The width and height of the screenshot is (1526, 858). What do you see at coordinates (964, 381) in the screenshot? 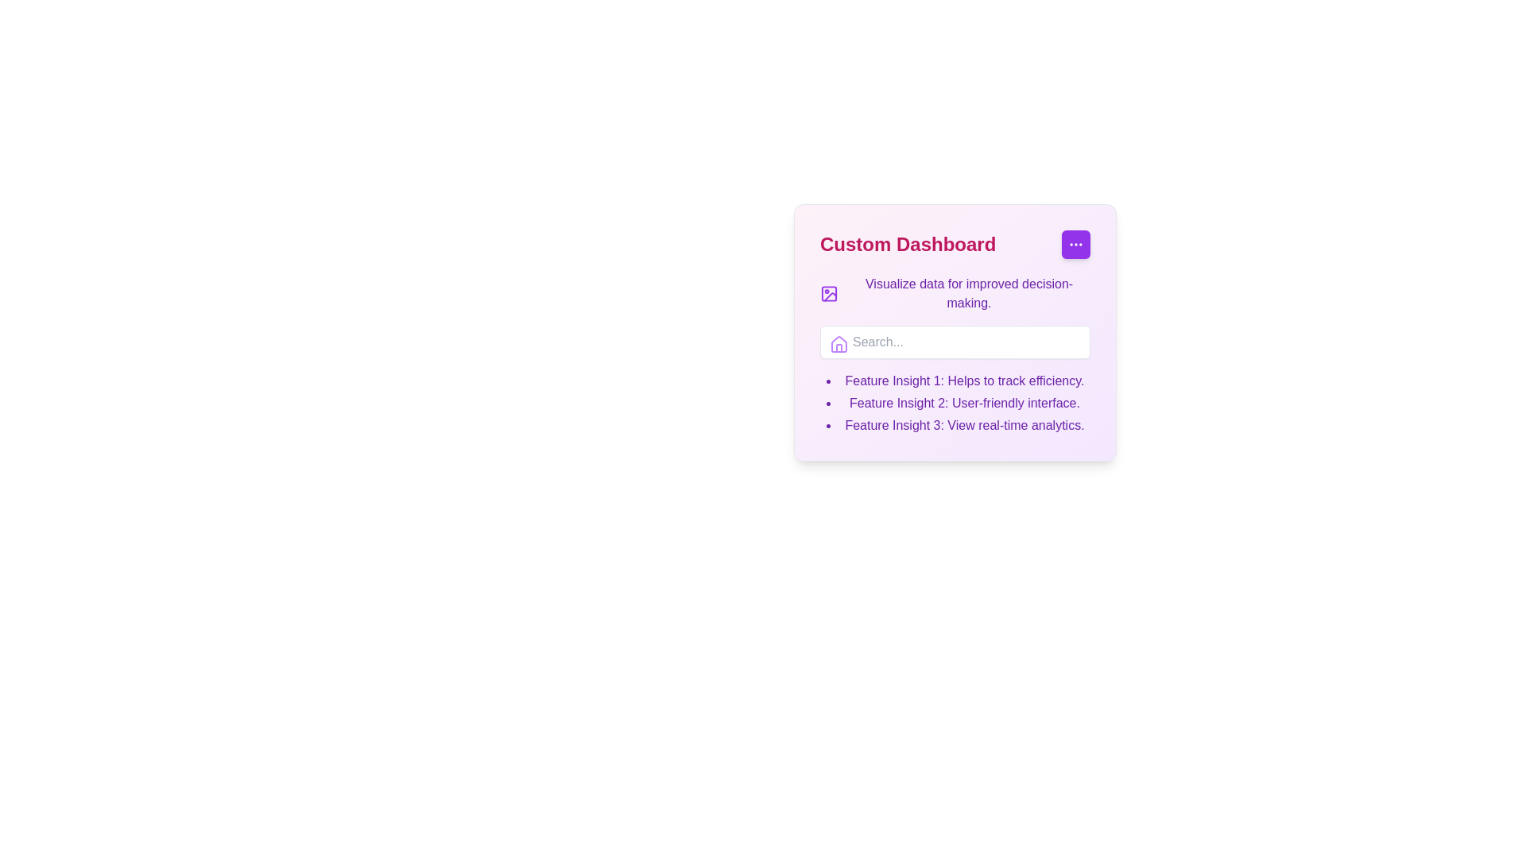
I see `the static text element that conveys information about tracking efficiency, located at the top of a vertical list beneath the search bar` at bounding box center [964, 381].